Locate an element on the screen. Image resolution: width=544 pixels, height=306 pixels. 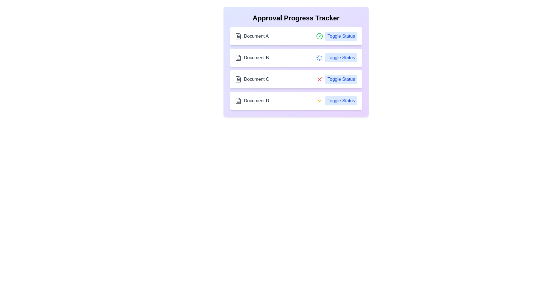
the green checkmark icon within the first item of the 'Approval Progress Tracker' list, located next to 'Document A' is located at coordinates (320, 35).